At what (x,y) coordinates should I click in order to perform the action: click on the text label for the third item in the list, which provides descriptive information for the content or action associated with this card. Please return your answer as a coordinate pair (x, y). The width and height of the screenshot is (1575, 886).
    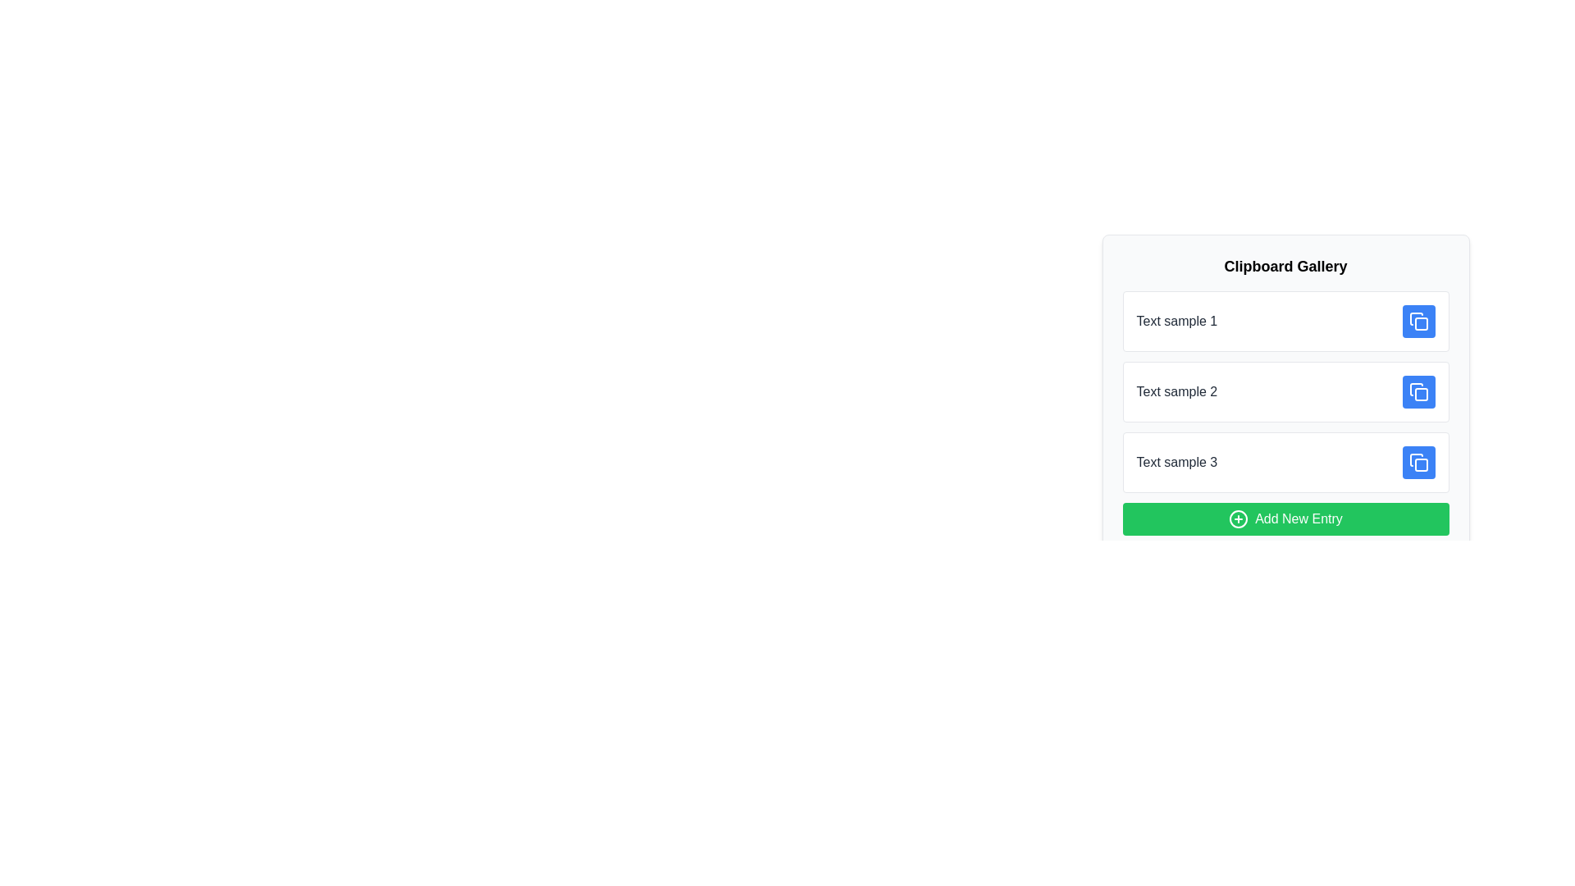
    Looking at the image, I should click on (1176, 462).